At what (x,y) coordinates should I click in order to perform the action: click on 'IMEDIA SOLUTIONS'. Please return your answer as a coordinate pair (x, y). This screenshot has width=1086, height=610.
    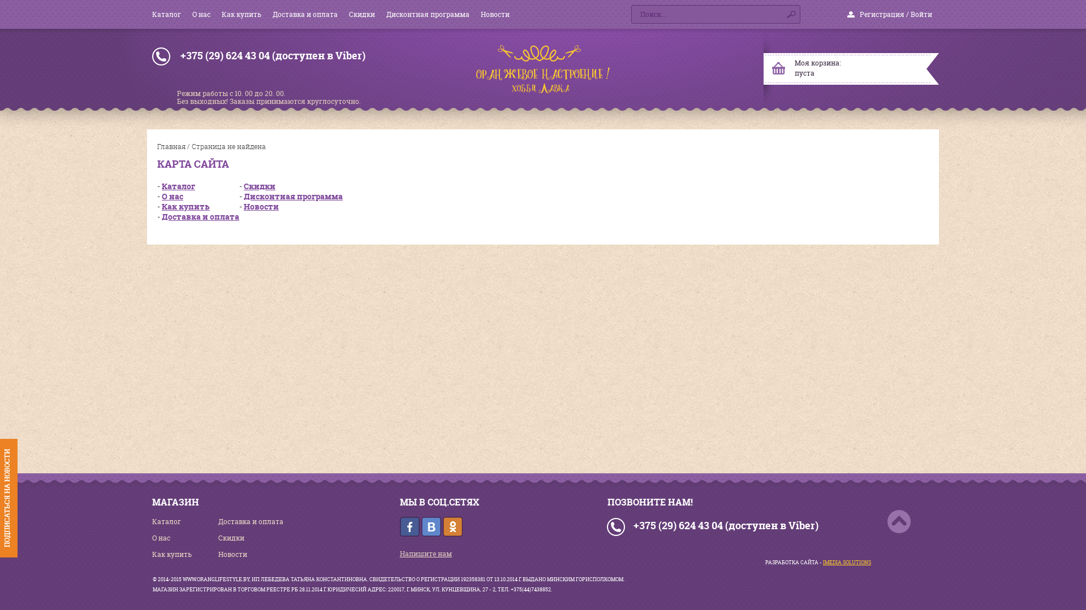
    Looking at the image, I should click on (822, 562).